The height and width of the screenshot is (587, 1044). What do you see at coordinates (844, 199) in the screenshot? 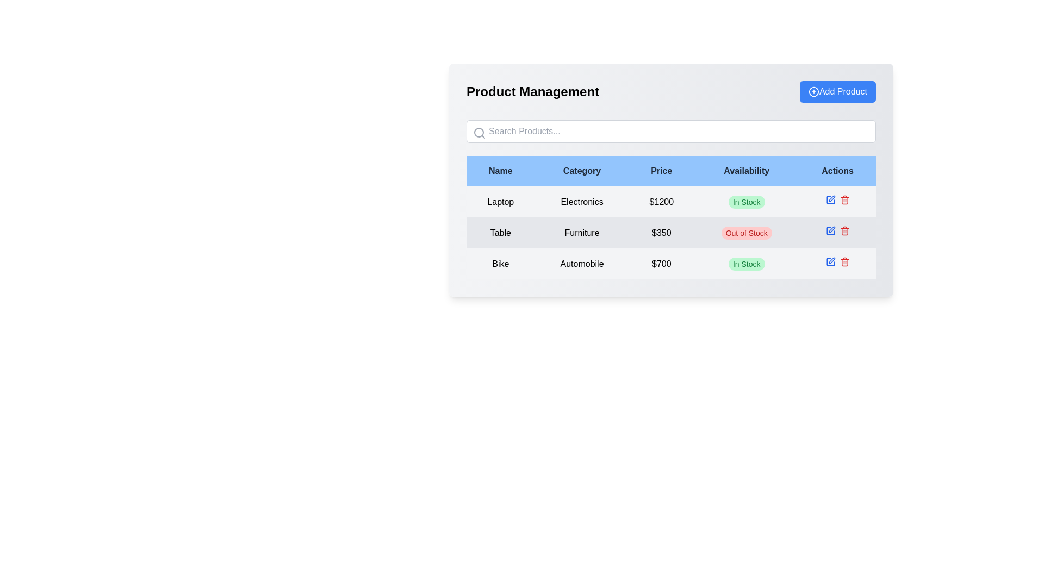
I see `the trash bin icon button in the 'Actions' column of the last row of the product management table` at bounding box center [844, 199].